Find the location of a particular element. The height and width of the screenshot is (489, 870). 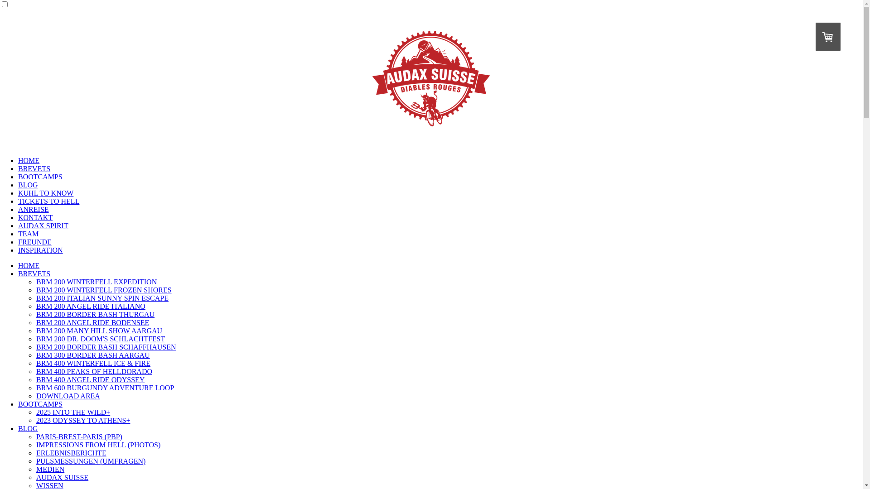

'BRM 400 WINTERFELL ICE & FIRE' is located at coordinates (93, 363).